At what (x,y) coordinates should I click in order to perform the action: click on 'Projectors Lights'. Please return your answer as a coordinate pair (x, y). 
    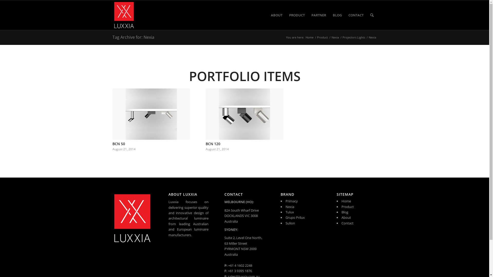
    Looking at the image, I should click on (341, 37).